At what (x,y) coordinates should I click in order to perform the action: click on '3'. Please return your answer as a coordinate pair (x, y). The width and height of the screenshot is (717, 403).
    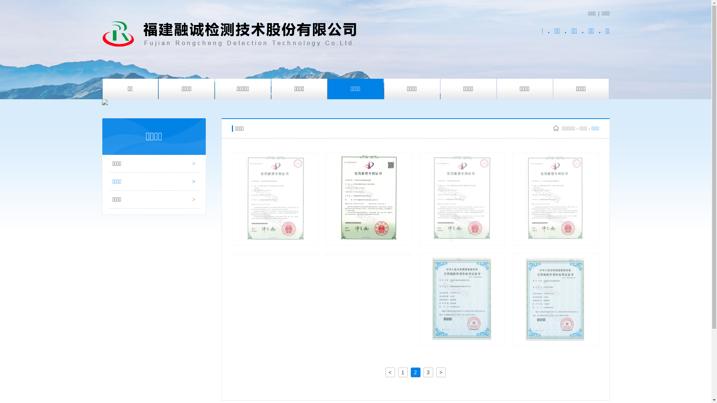
    Looking at the image, I should click on (428, 372).